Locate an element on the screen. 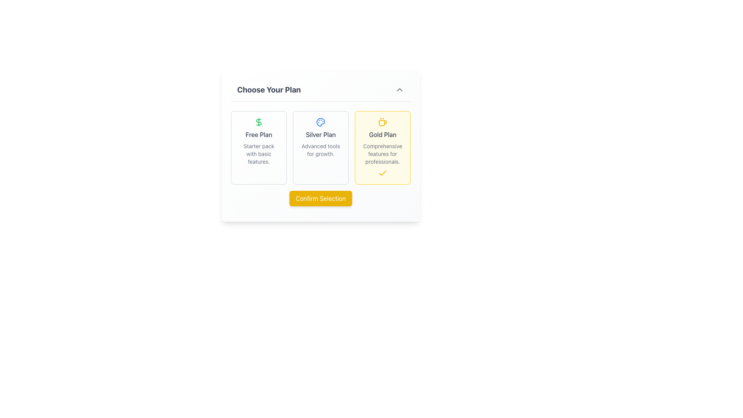  the green dollar sign icon located at the top of the 'Free Plan' card for identification purposes is located at coordinates (259, 122).